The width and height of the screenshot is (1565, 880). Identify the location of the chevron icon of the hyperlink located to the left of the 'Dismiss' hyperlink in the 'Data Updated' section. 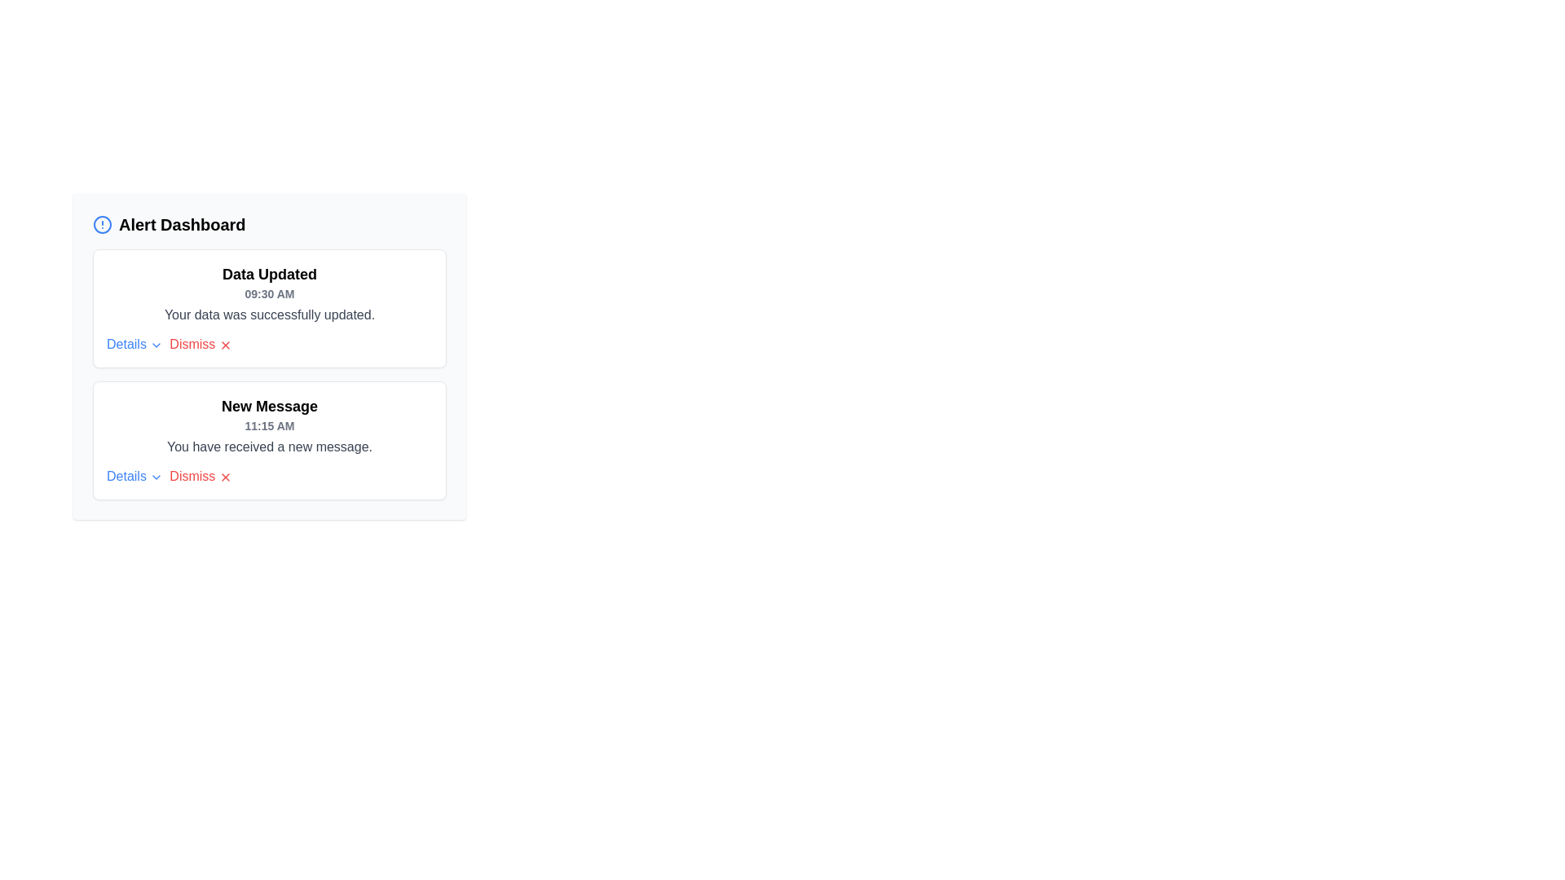
(134, 344).